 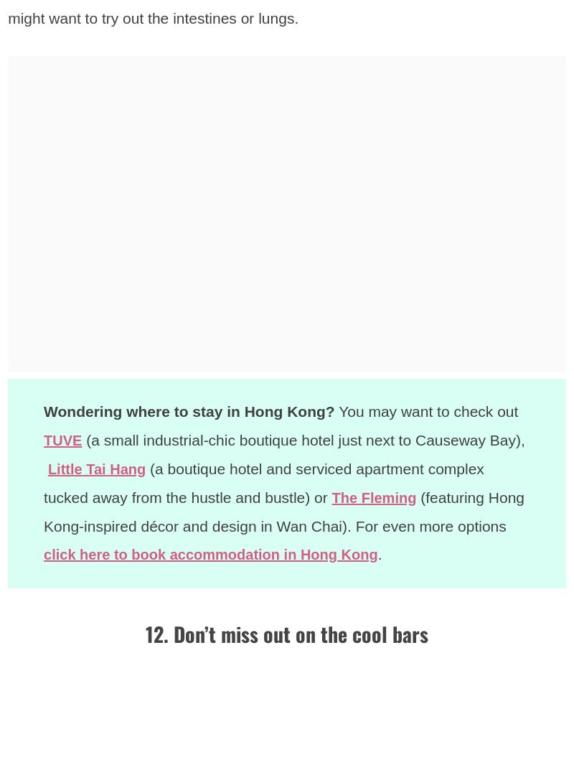 What do you see at coordinates (287, 632) in the screenshot?
I see `'12. Don’t miss out on the cool bars'` at bounding box center [287, 632].